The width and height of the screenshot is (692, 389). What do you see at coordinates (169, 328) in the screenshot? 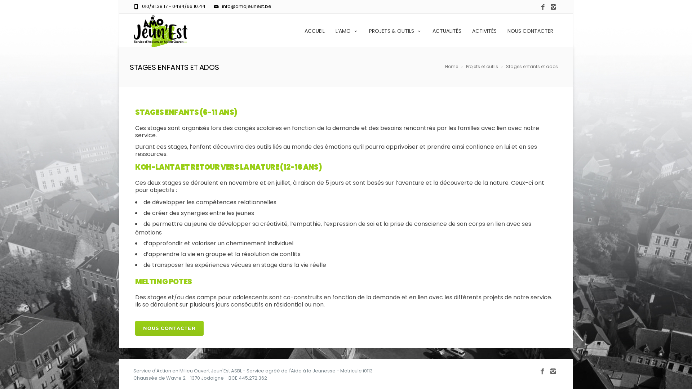
I see `'NOUS CONTACTER'` at bounding box center [169, 328].